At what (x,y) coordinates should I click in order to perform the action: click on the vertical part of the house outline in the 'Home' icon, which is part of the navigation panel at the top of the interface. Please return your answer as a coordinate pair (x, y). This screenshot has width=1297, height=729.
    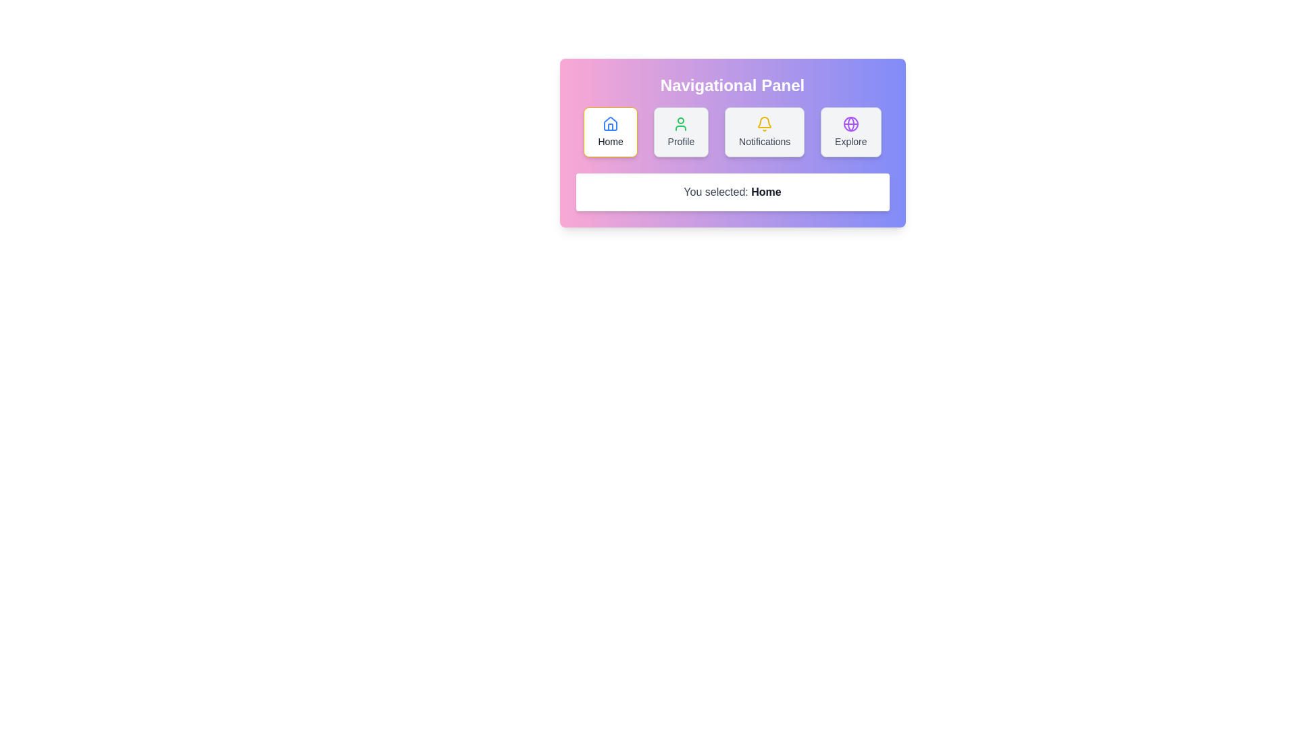
    Looking at the image, I should click on (610, 127).